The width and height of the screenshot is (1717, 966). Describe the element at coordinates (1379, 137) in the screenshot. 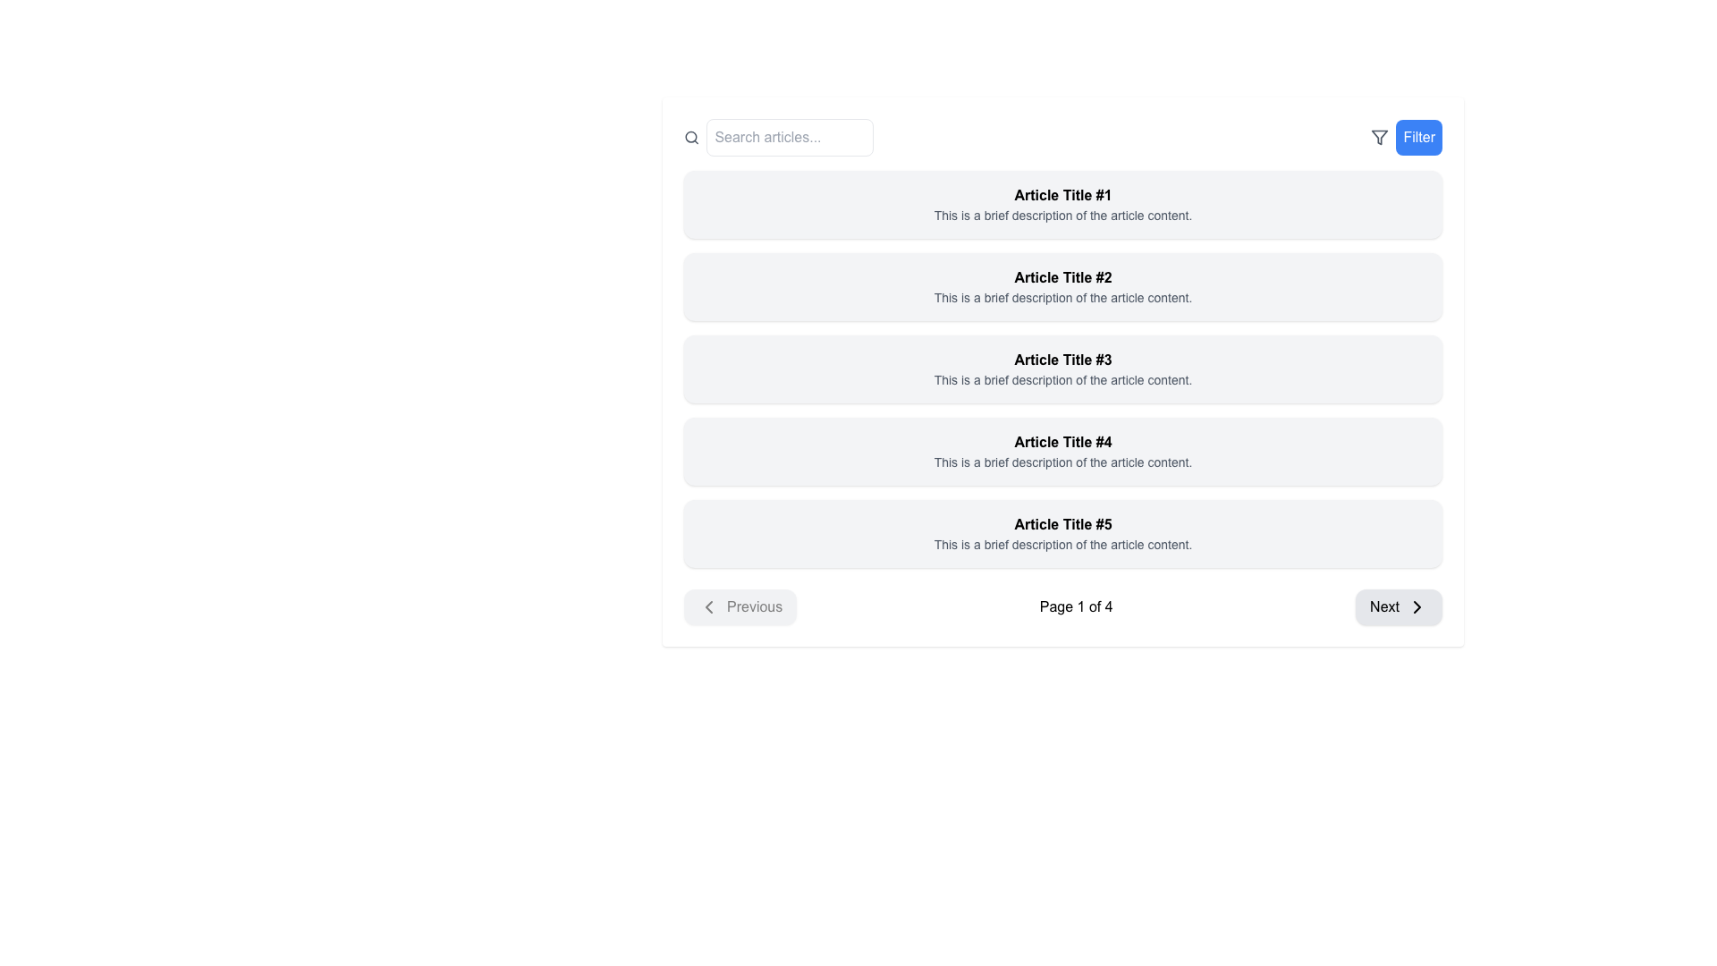

I see `the filter funnel SVG icon located in the top-right corner of the interface, immediately left of the 'Filter' button, to interact with the associated filtering functionality` at that location.